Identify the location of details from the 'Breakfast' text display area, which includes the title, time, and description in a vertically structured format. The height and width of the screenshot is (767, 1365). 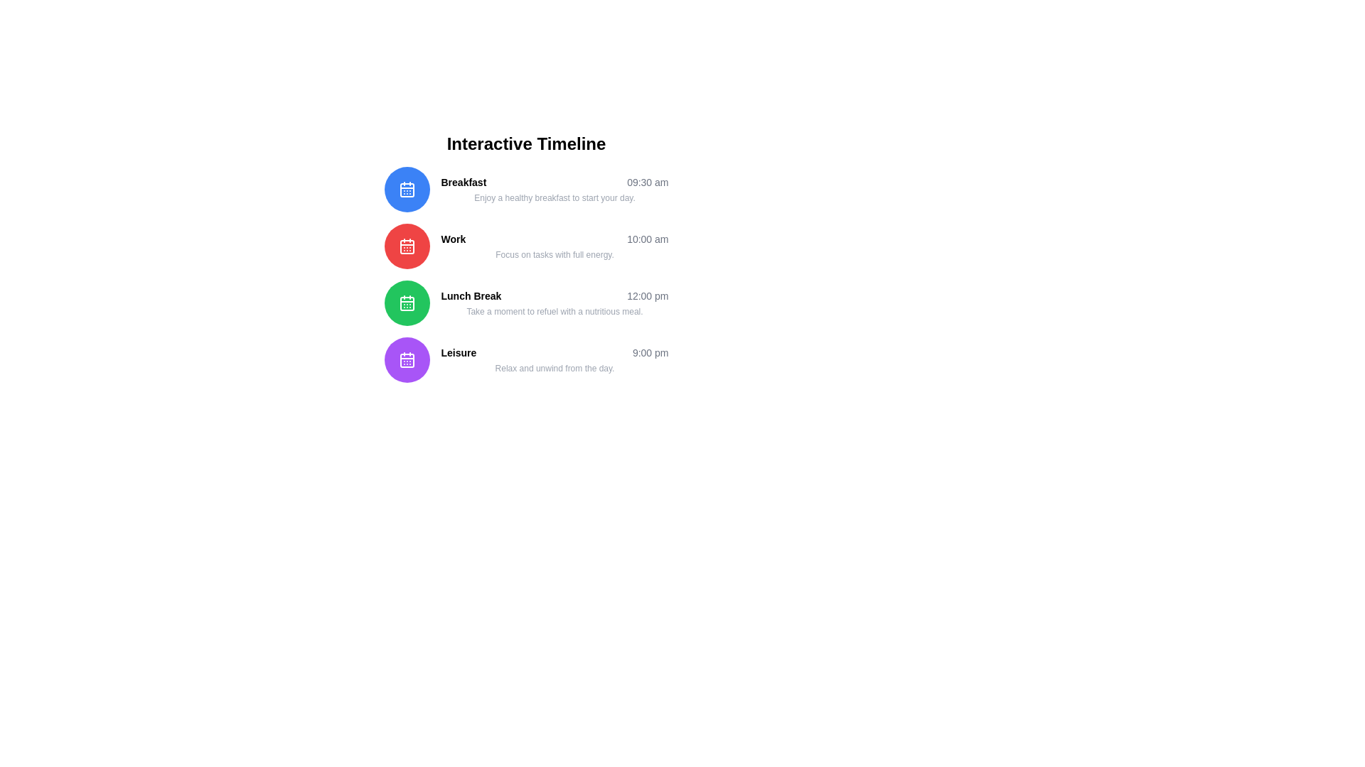
(554, 188).